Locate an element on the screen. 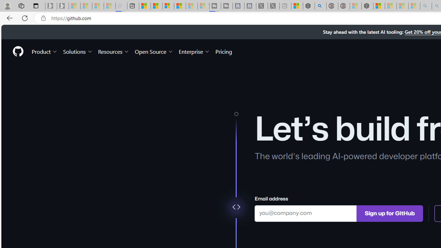 The image size is (441, 248). 'Pricing' is located at coordinates (224, 51).